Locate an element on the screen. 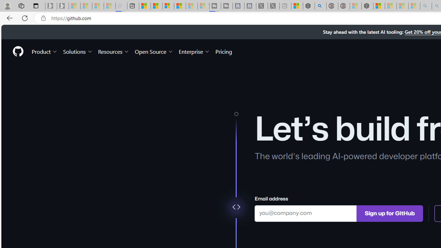 The image size is (441, 248). 'Pricing' is located at coordinates (224, 51).